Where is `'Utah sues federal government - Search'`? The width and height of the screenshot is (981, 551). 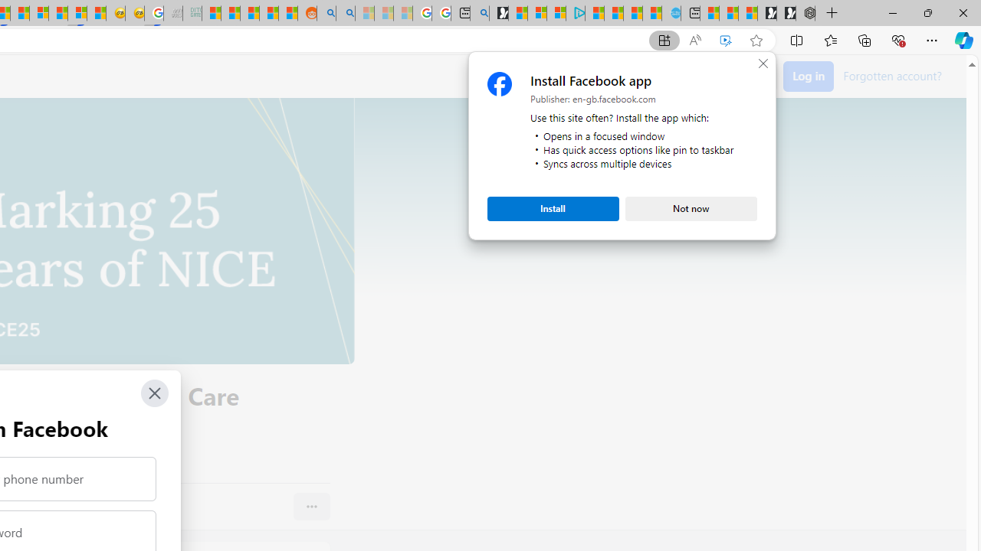
'Utah sues federal government - Search' is located at coordinates (345, 13).